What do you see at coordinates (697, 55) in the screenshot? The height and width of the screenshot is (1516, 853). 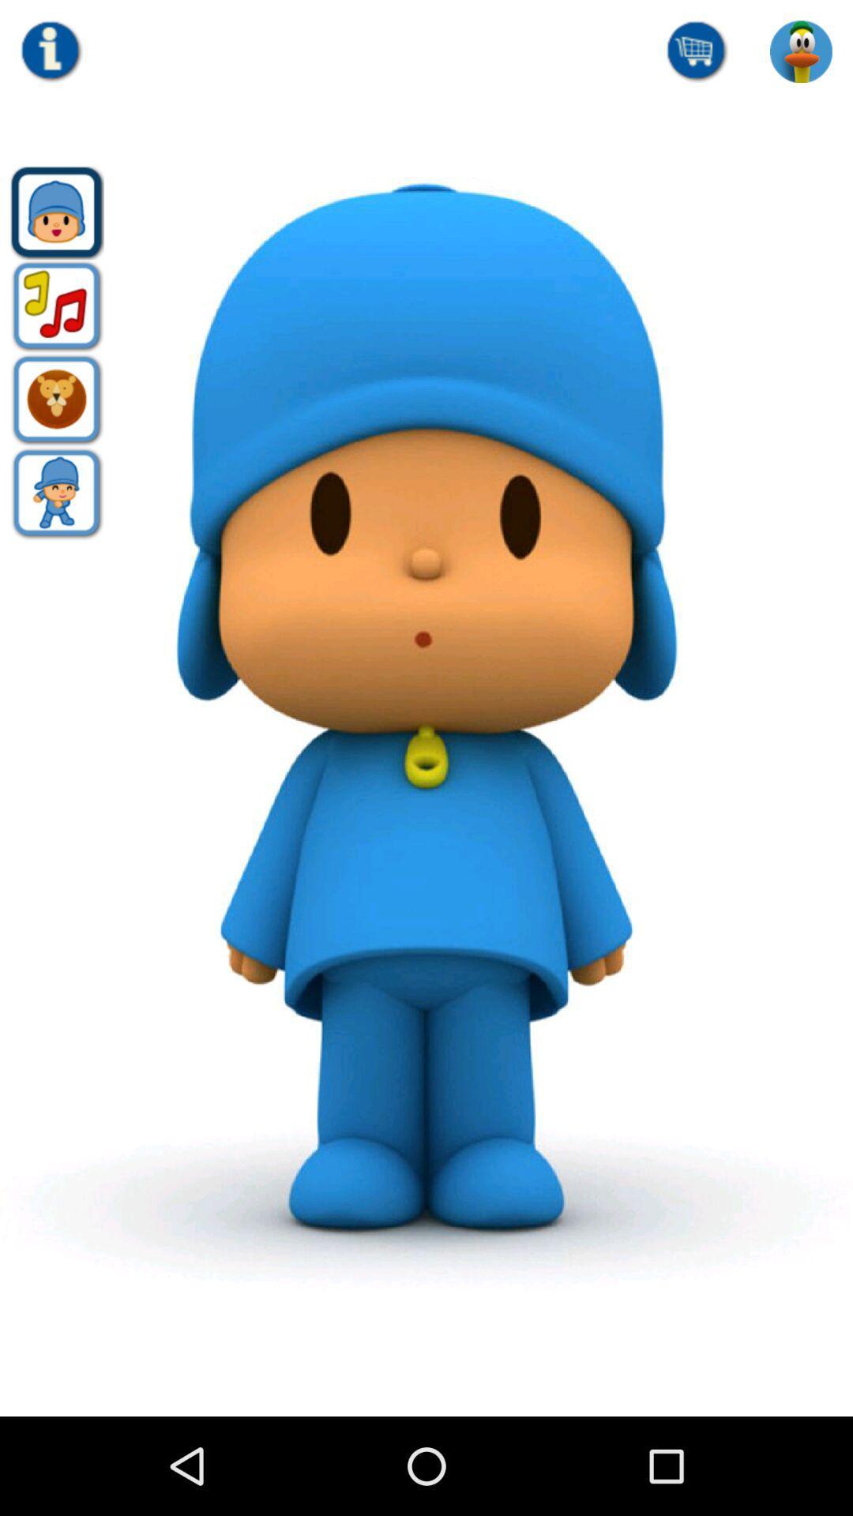 I see `the cart icon` at bounding box center [697, 55].